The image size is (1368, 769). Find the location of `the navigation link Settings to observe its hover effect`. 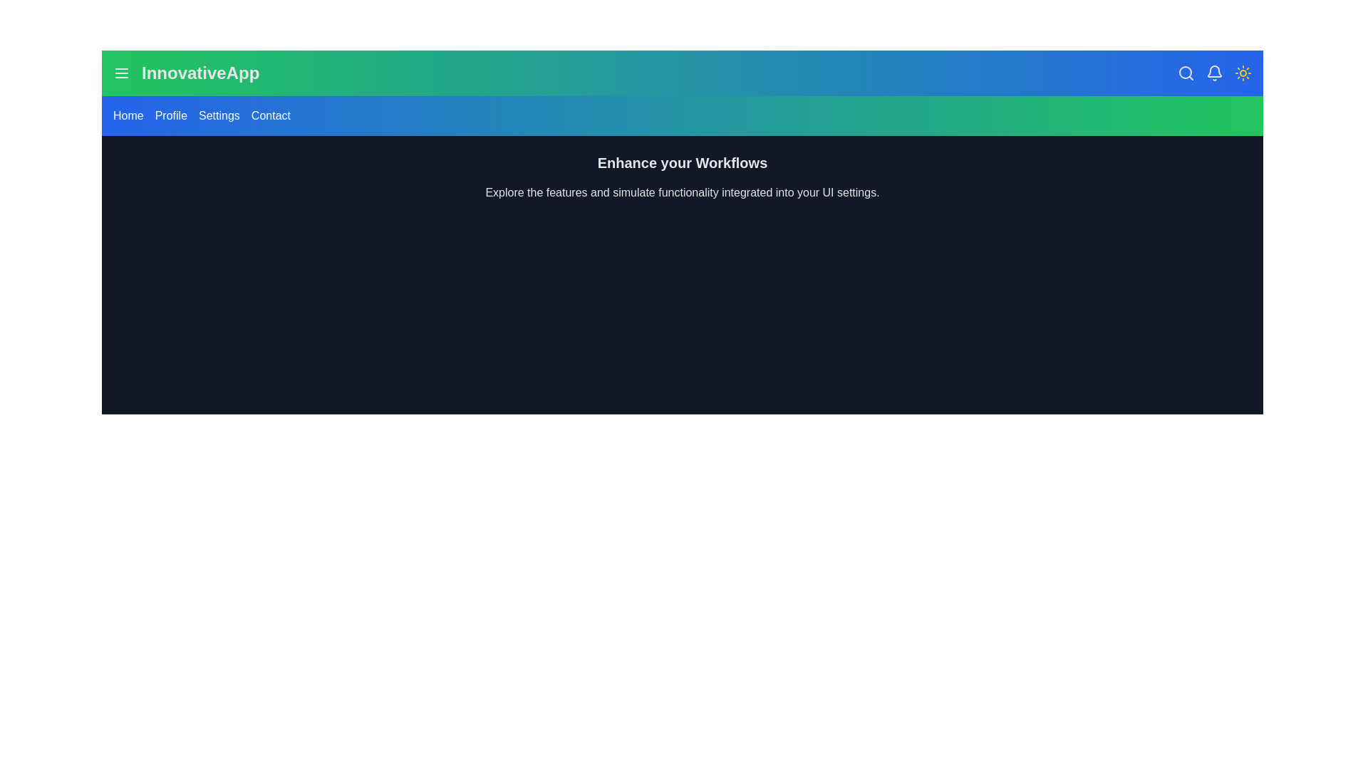

the navigation link Settings to observe its hover effect is located at coordinates (218, 115).